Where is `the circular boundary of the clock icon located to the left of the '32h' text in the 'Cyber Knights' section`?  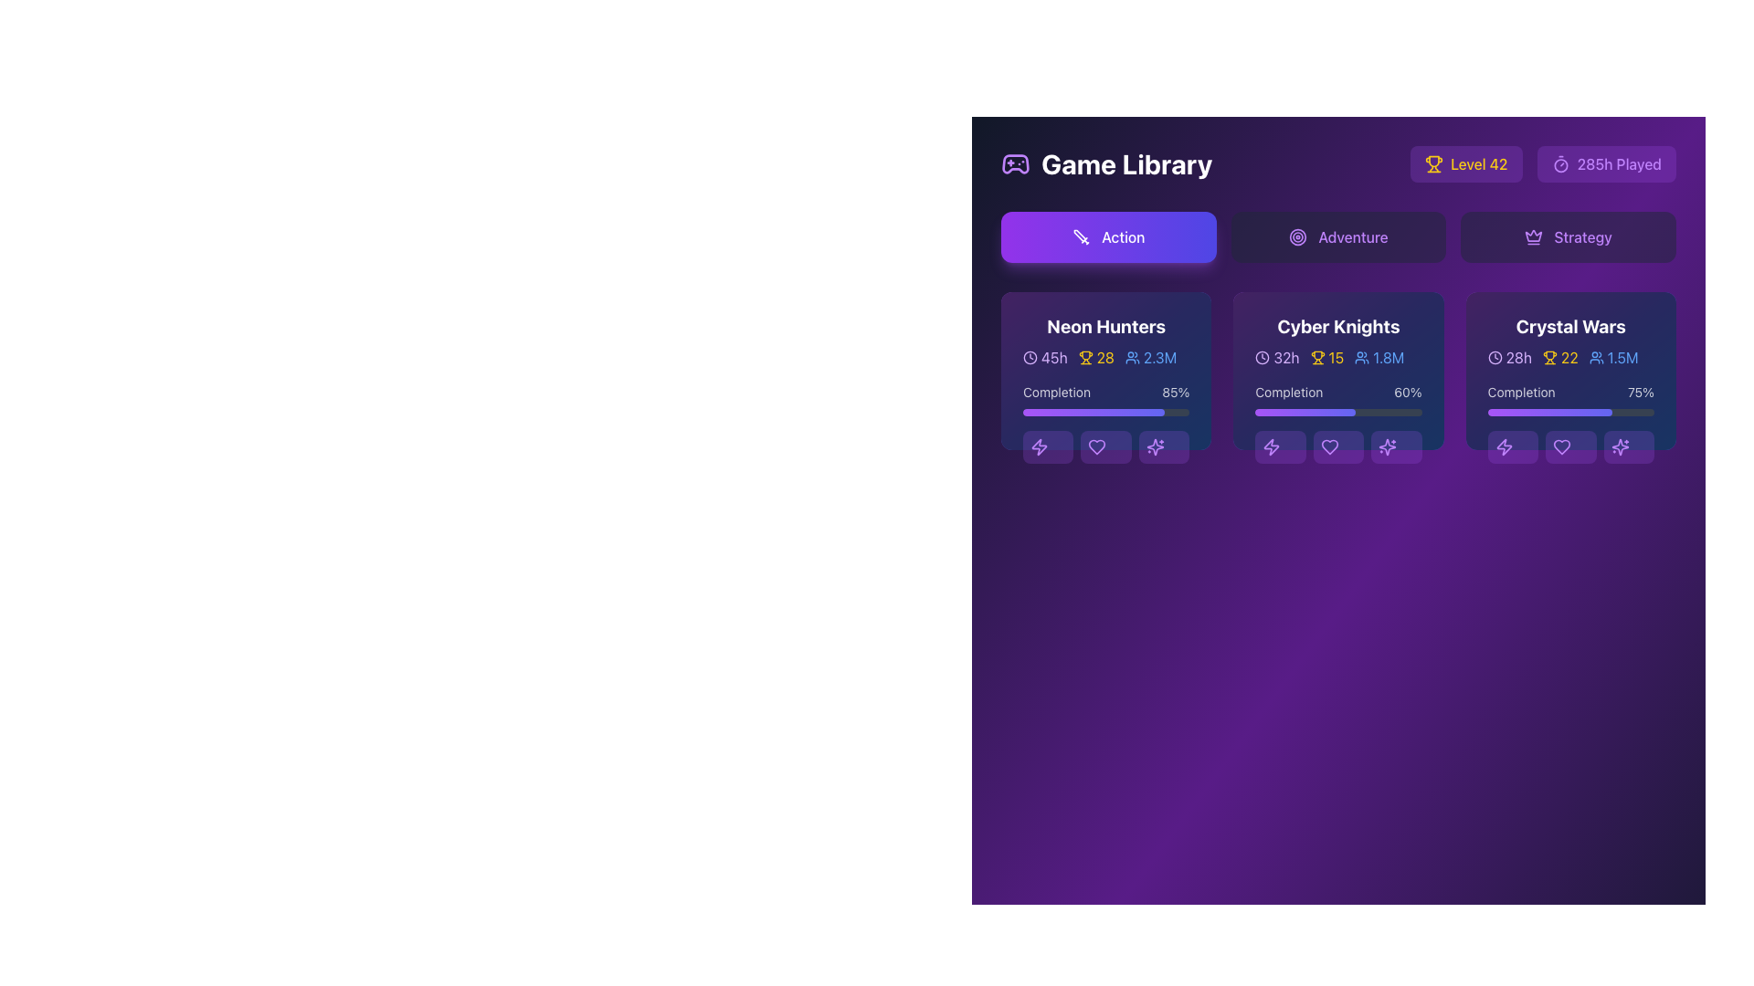 the circular boundary of the clock icon located to the left of the '32h' text in the 'Cyber Knights' section is located at coordinates (1262, 358).